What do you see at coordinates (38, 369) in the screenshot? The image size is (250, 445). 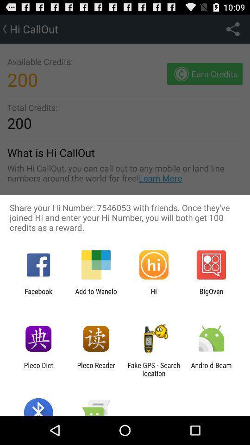 I see `item to the left of the pleco reader` at bounding box center [38, 369].